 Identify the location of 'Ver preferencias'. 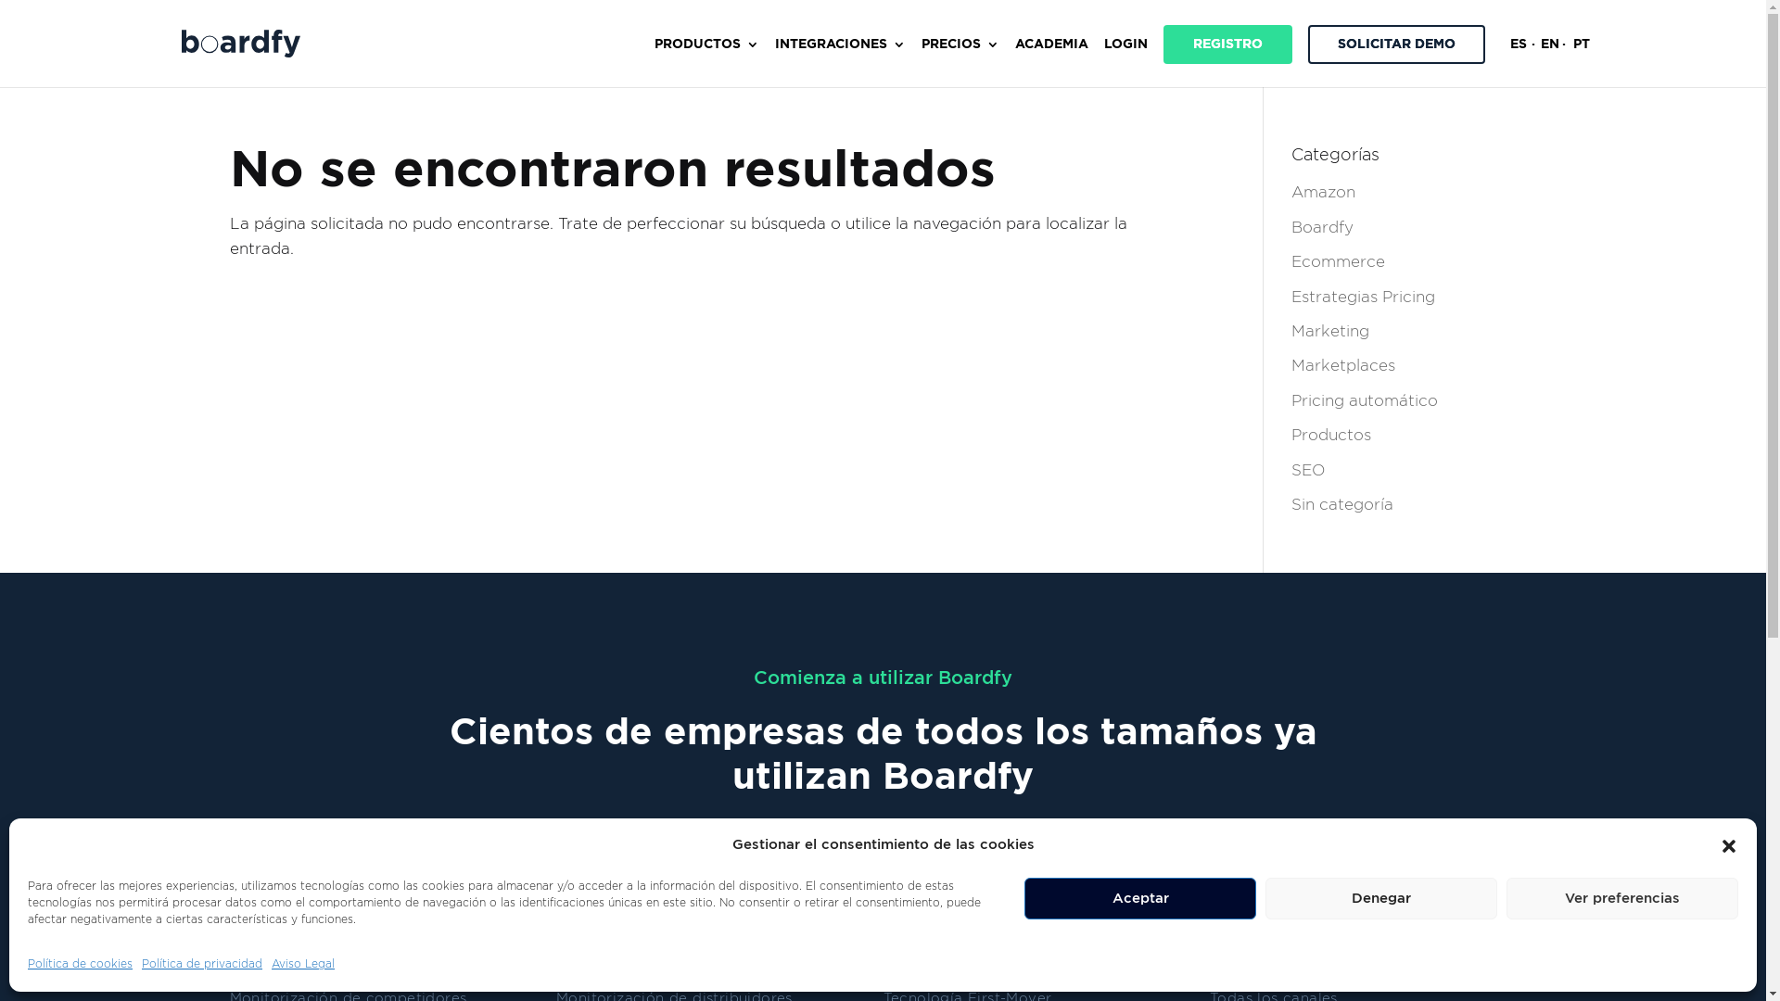
(1621, 897).